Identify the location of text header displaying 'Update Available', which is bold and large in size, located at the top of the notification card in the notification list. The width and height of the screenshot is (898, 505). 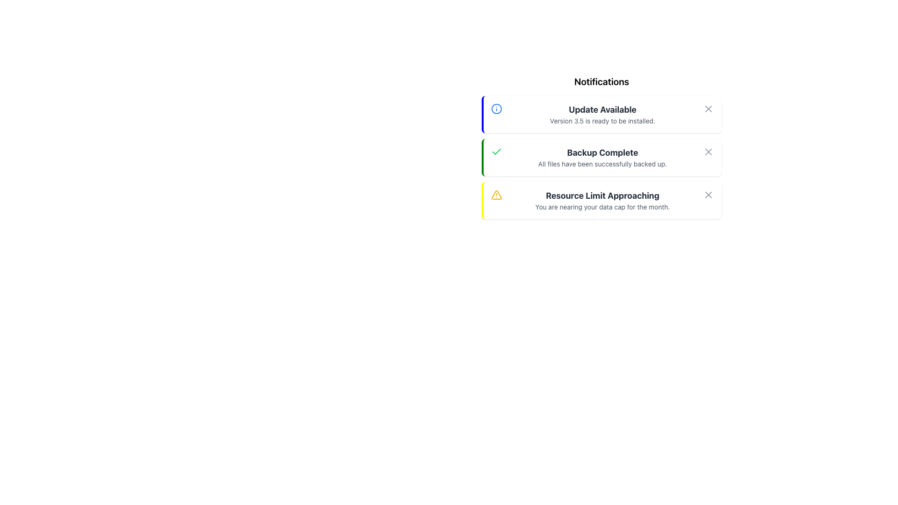
(602, 109).